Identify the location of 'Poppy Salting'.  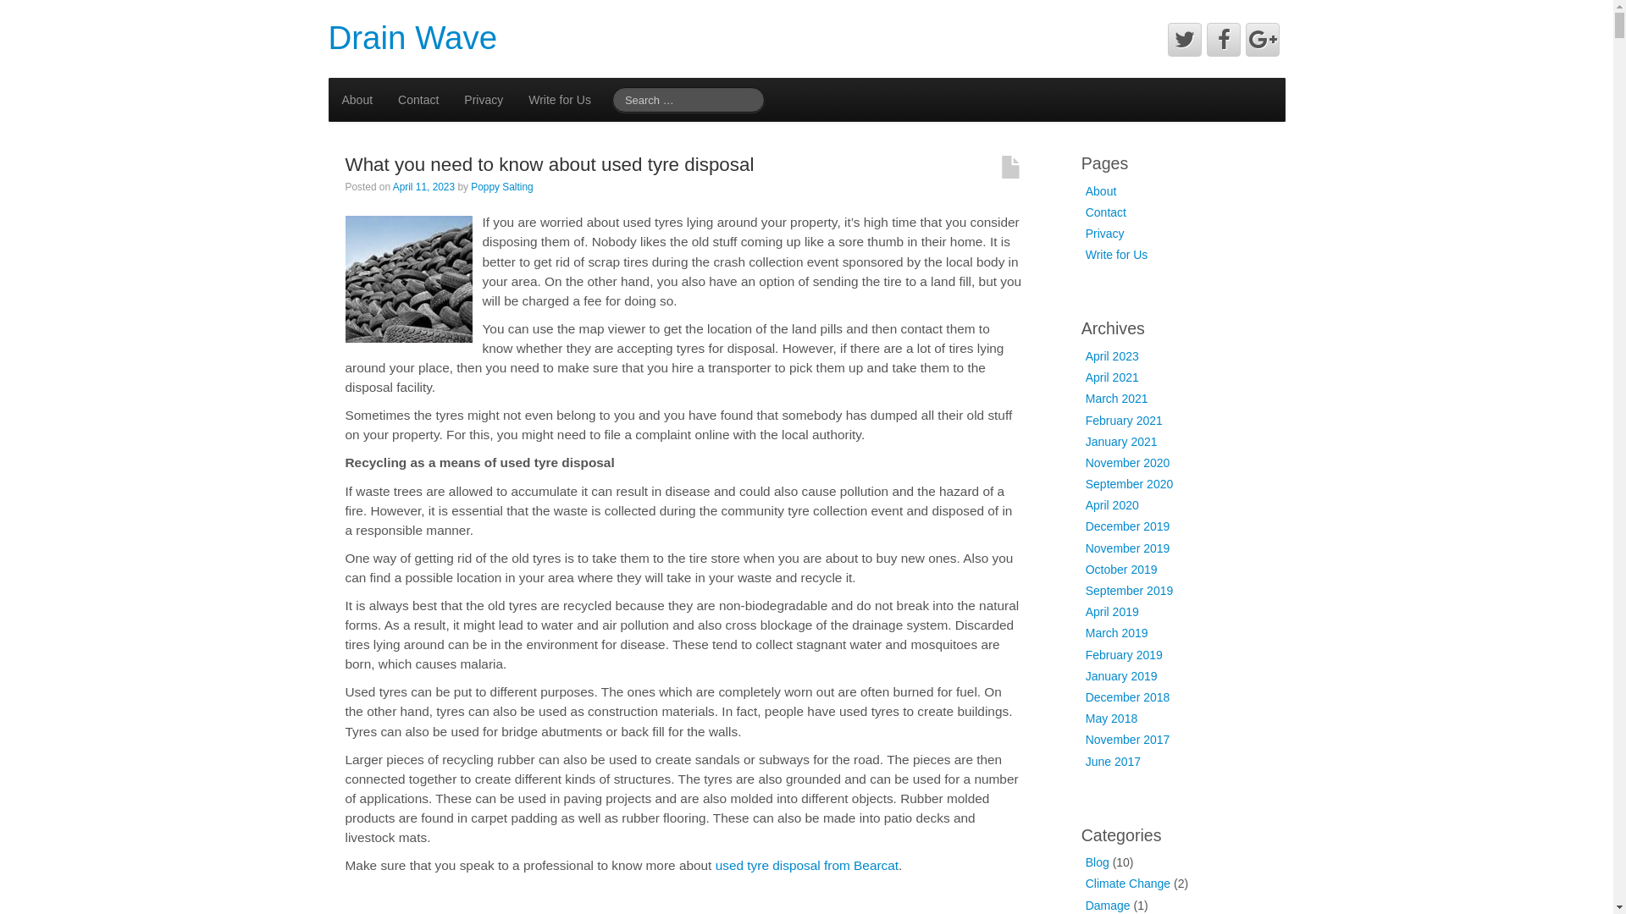
(501, 186).